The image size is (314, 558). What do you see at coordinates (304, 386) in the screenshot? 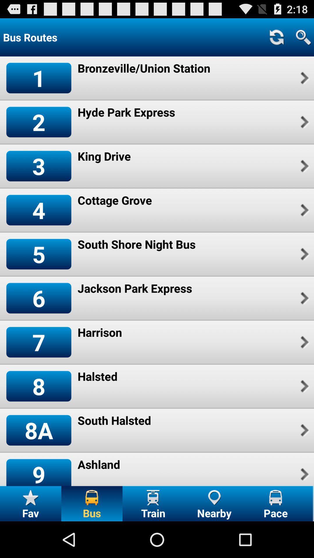
I see `item next to halsted app` at bounding box center [304, 386].